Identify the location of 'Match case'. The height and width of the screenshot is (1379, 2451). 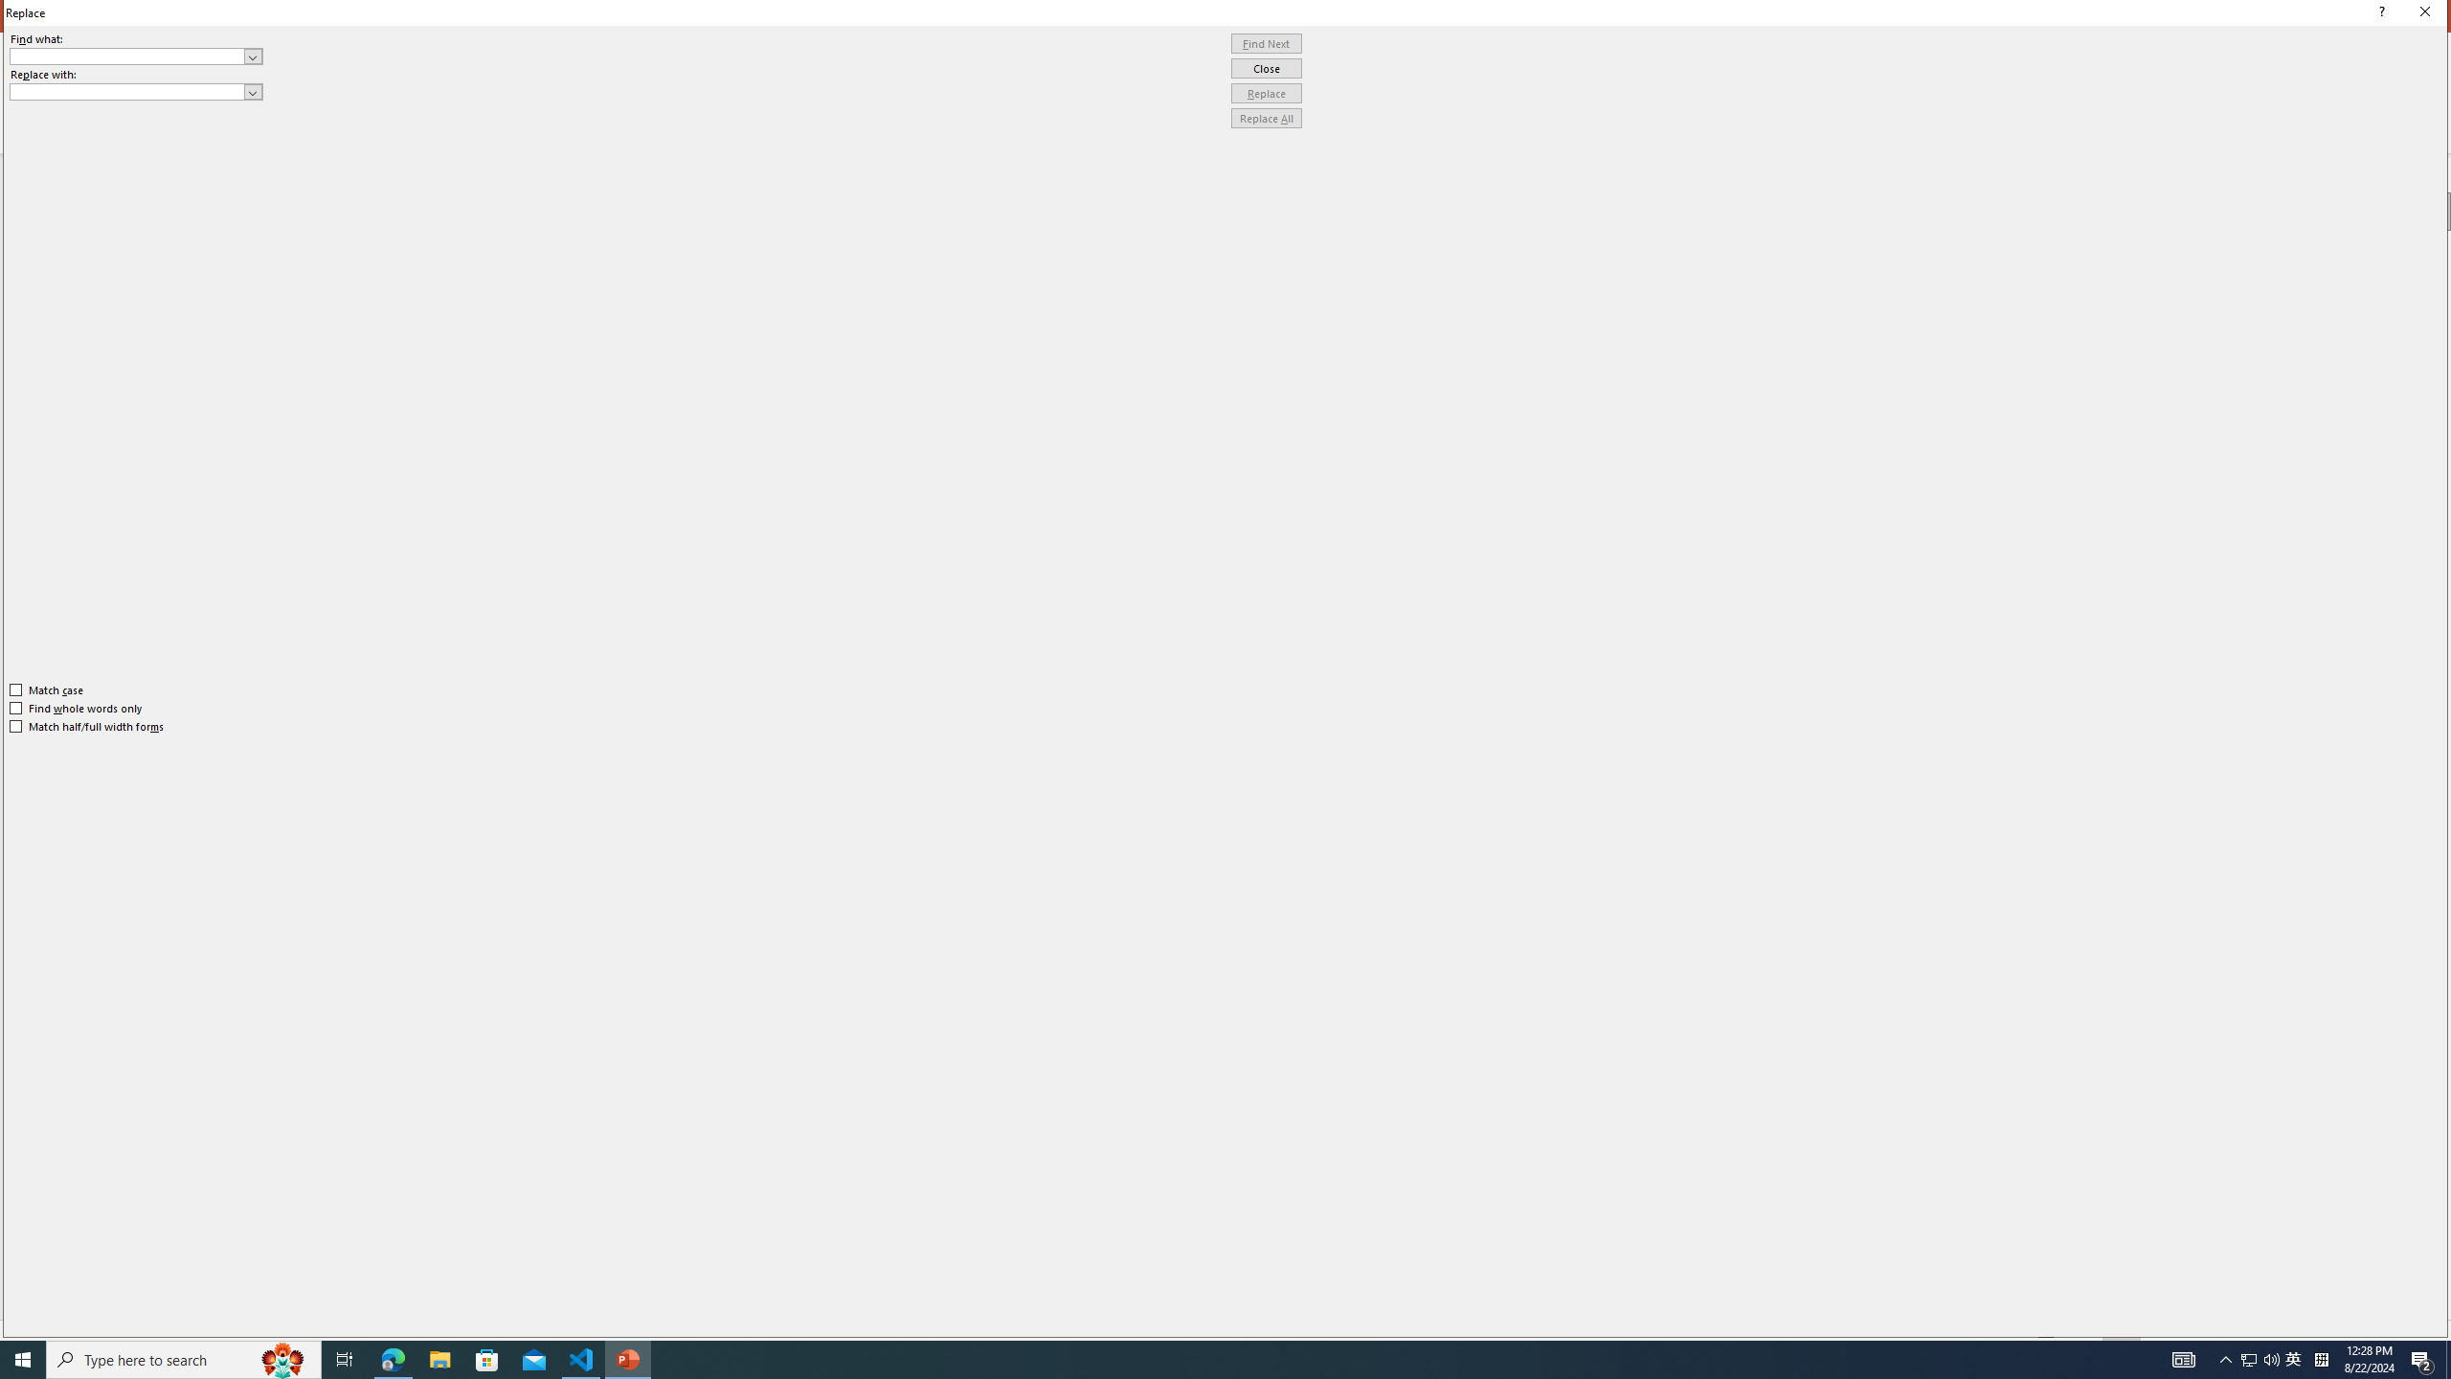
(46, 689).